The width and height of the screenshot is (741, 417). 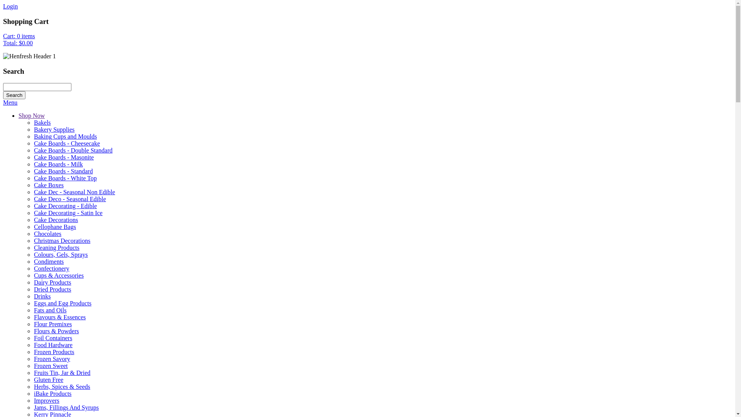 What do you see at coordinates (42, 122) in the screenshot?
I see `'Bakels'` at bounding box center [42, 122].